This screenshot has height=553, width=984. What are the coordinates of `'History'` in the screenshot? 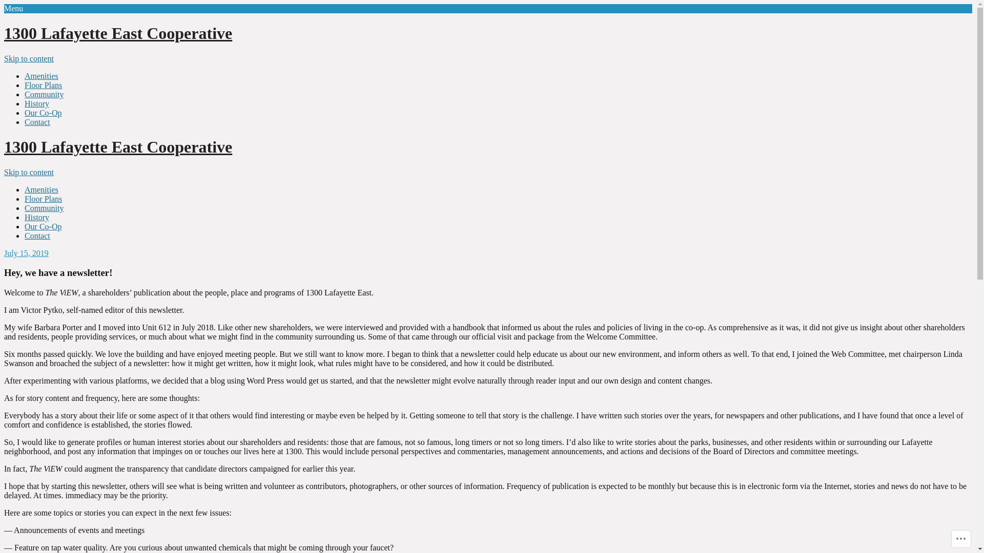 It's located at (37, 103).